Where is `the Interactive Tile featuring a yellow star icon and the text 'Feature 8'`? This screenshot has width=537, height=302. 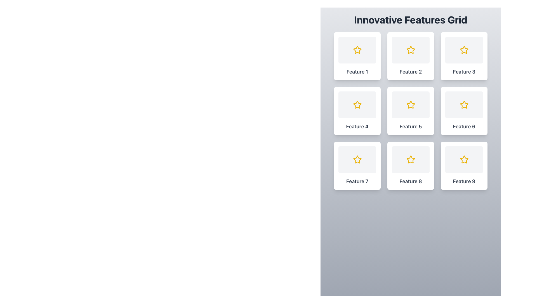
the Interactive Tile featuring a yellow star icon and the text 'Feature 8' is located at coordinates (411, 166).